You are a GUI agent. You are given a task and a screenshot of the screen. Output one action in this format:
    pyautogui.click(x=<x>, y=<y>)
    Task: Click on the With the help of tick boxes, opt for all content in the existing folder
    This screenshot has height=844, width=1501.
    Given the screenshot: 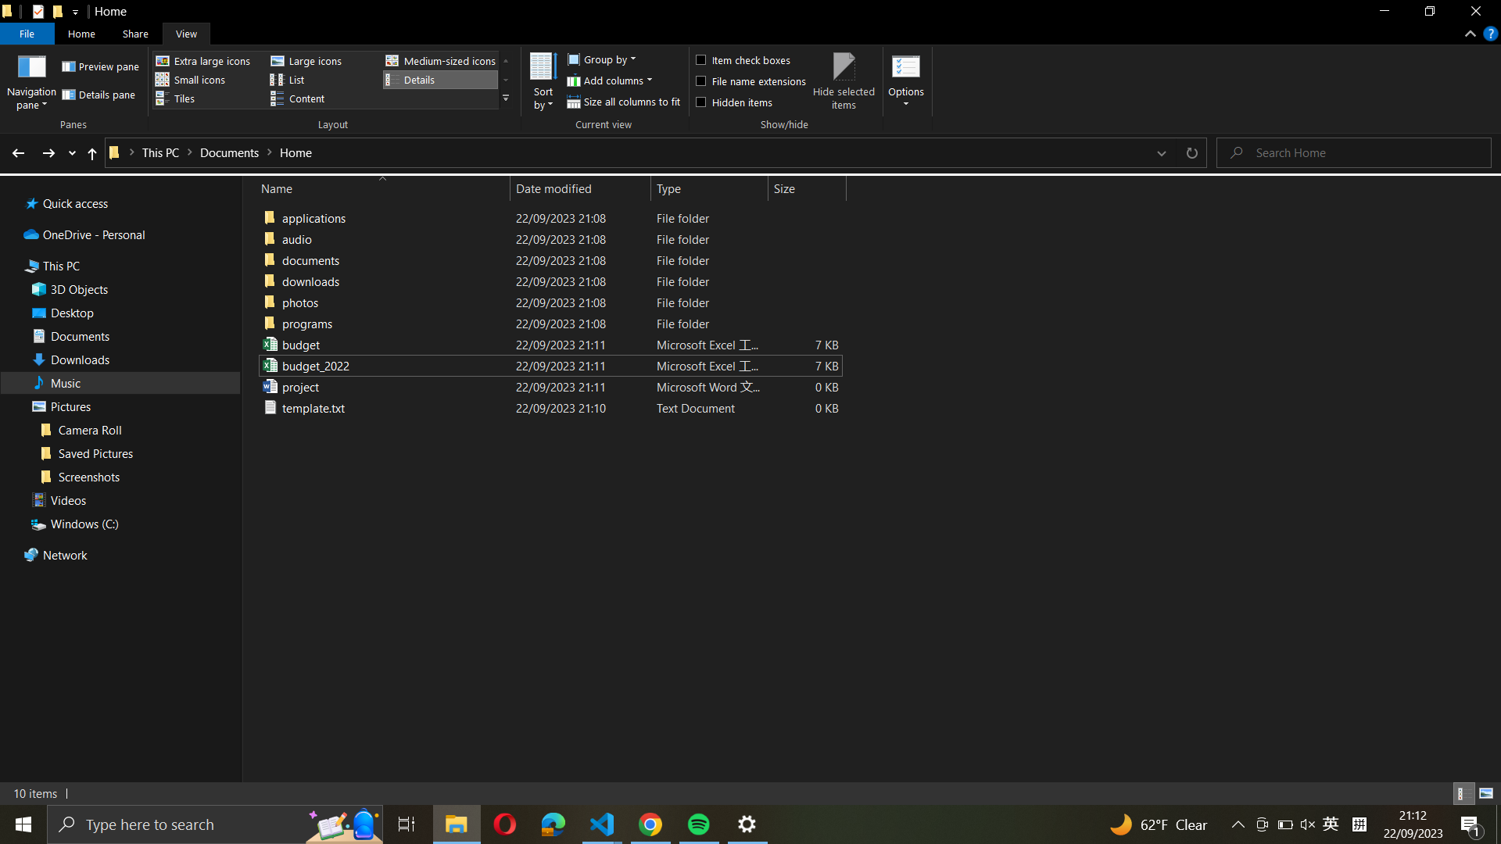 What is the action you would take?
    pyautogui.click(x=748, y=57)
    